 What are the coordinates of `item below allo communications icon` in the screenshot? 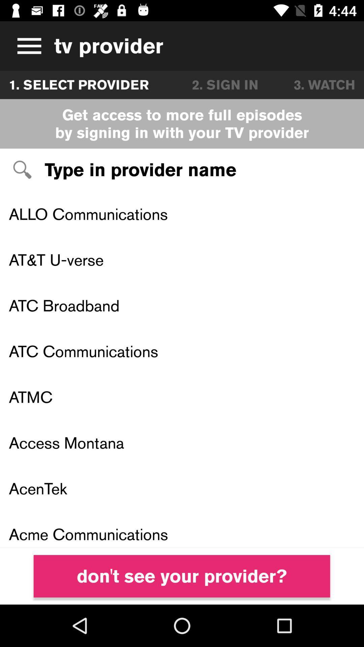 It's located at (182, 259).